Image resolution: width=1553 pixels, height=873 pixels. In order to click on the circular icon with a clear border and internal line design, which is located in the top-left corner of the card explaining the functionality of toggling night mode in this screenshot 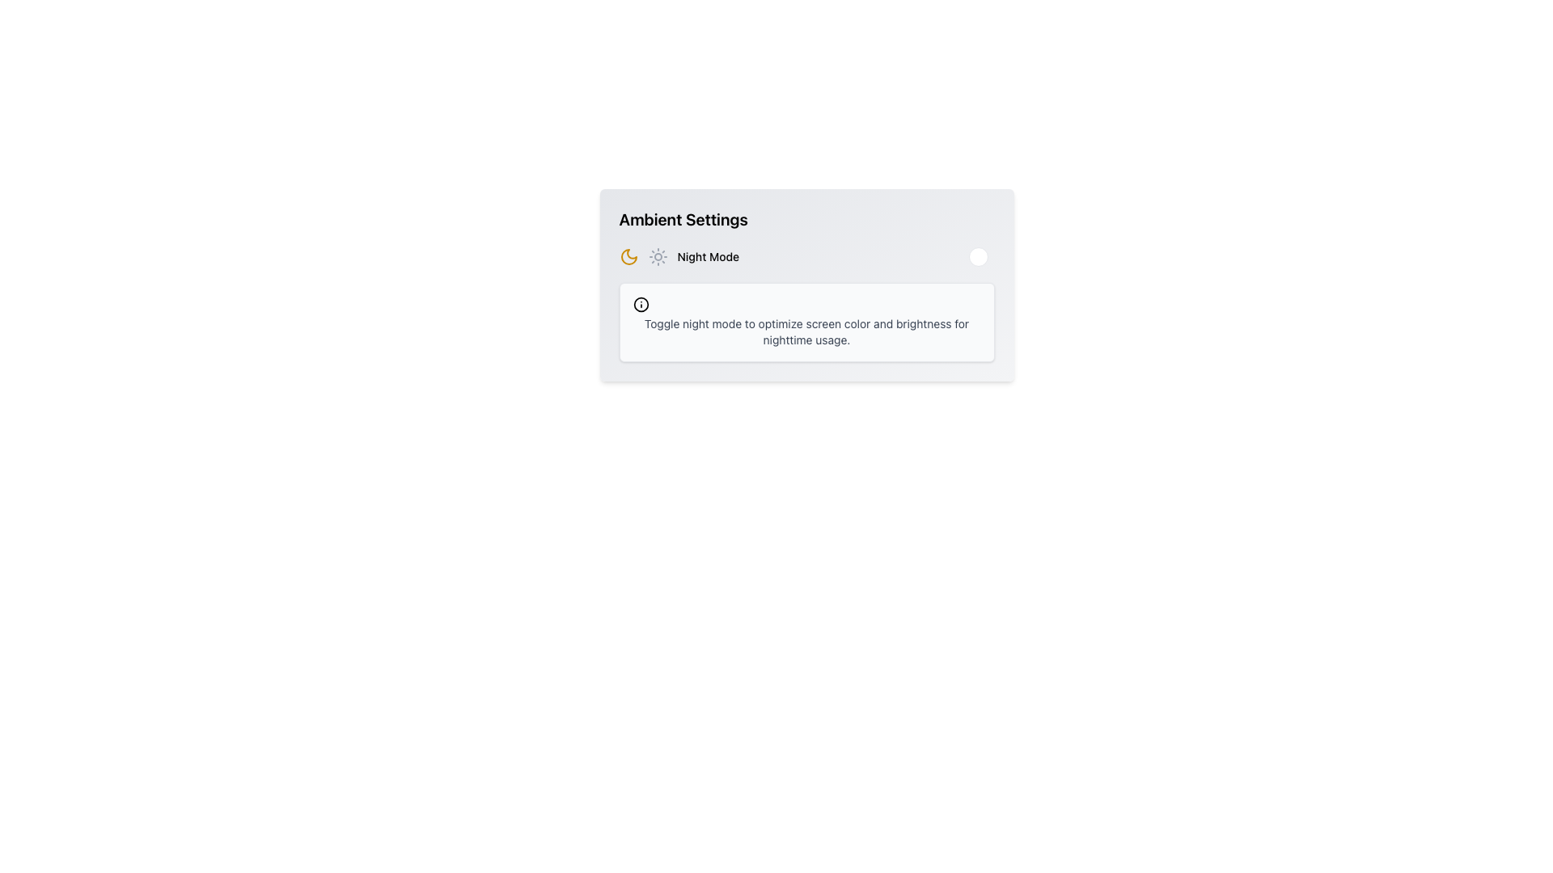, I will do `click(640, 305)`.